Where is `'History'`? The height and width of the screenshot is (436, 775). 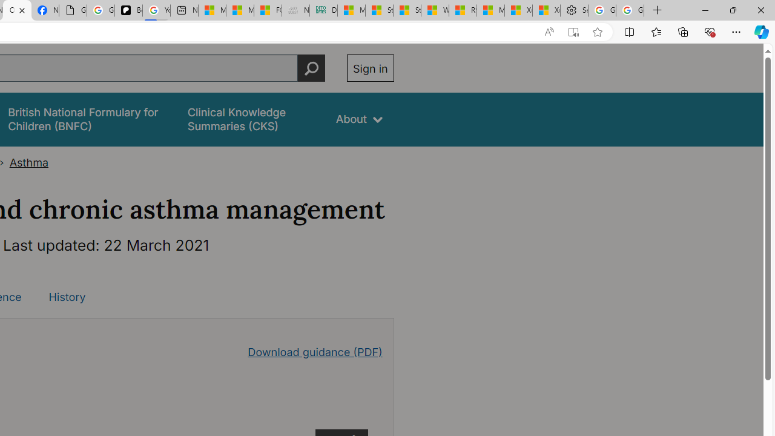 'History' is located at coordinates (66, 297).